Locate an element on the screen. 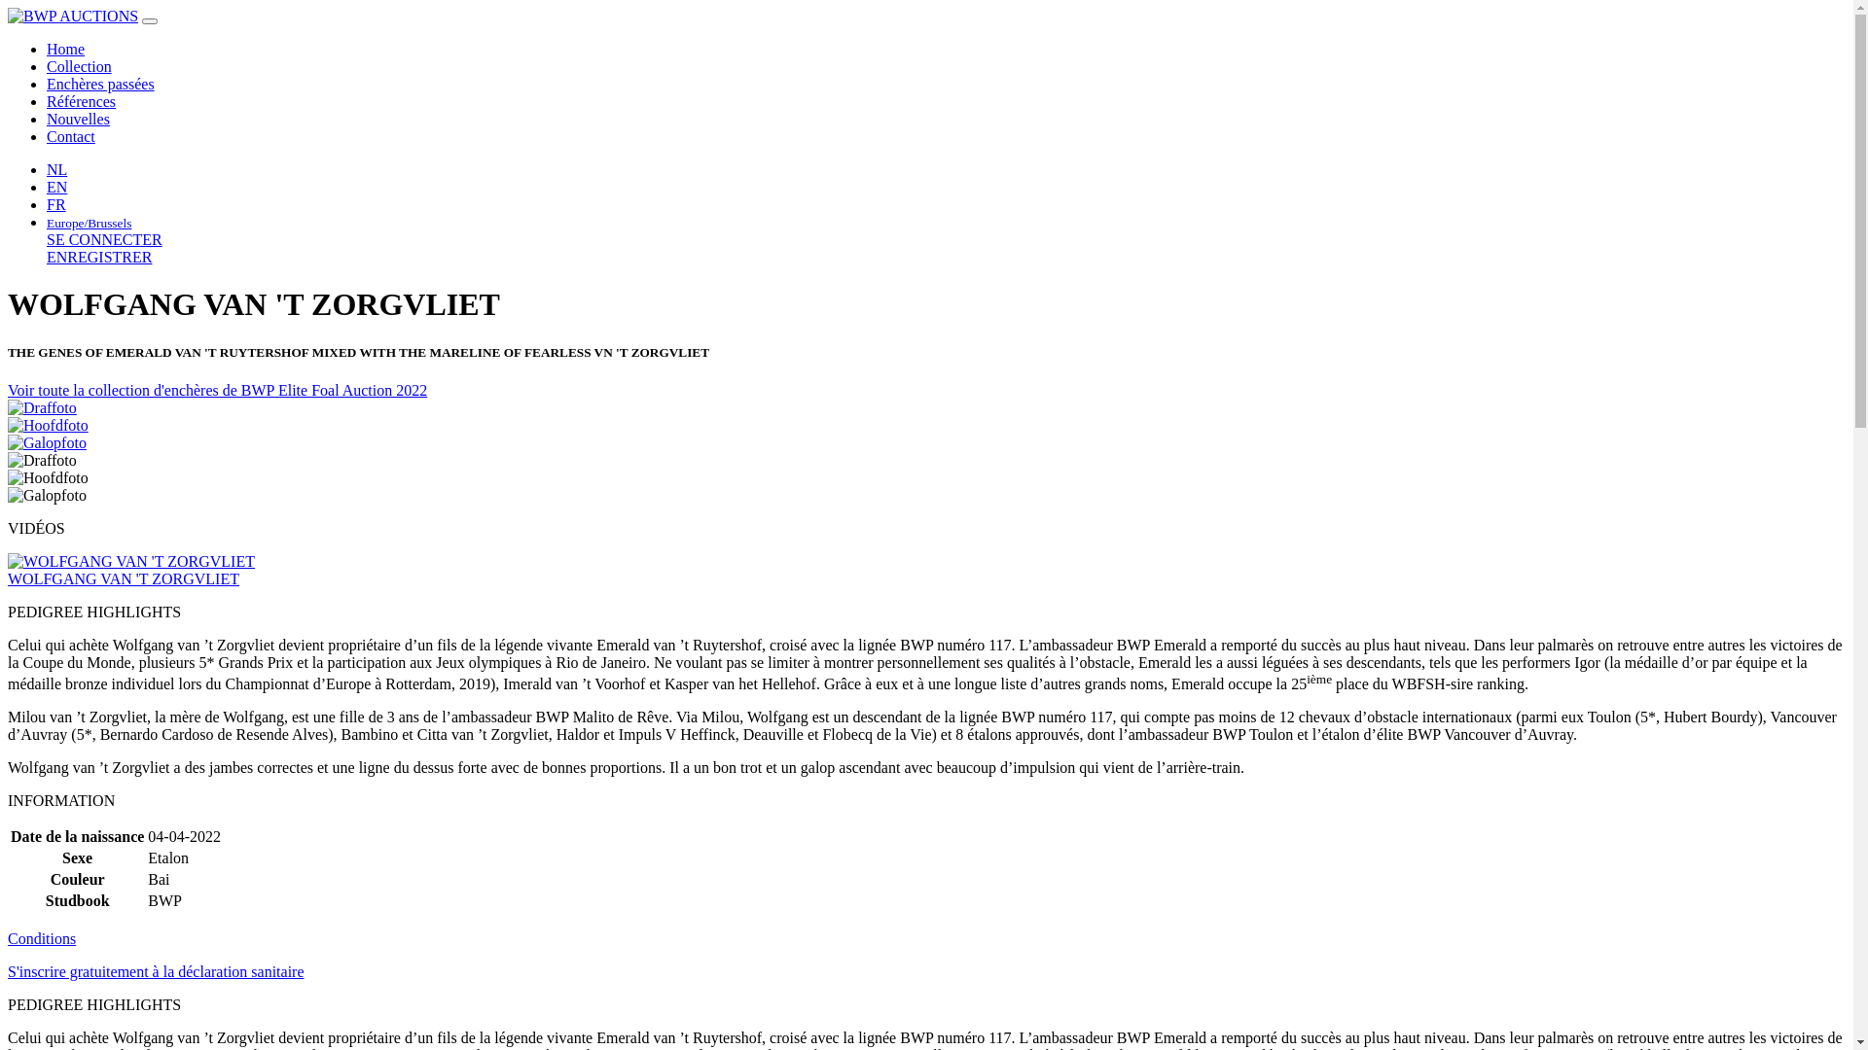 This screenshot has height=1050, width=1868. 'EN' is located at coordinates (56, 187).